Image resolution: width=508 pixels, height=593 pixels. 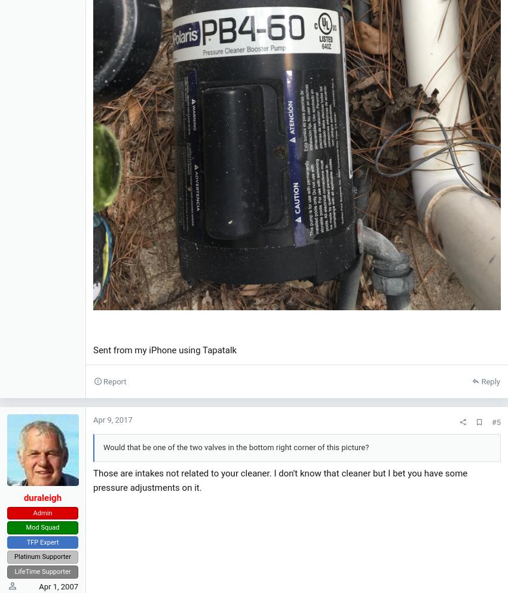 What do you see at coordinates (491, 381) in the screenshot?
I see `'Reply'` at bounding box center [491, 381].